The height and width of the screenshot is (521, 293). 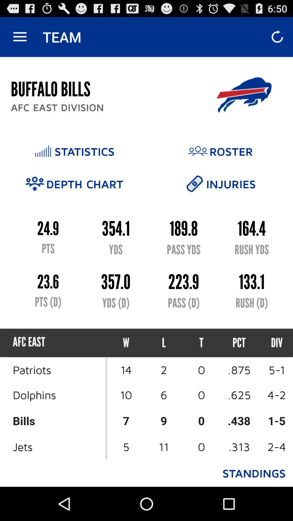 What do you see at coordinates (272, 342) in the screenshot?
I see `icon above .875` at bounding box center [272, 342].